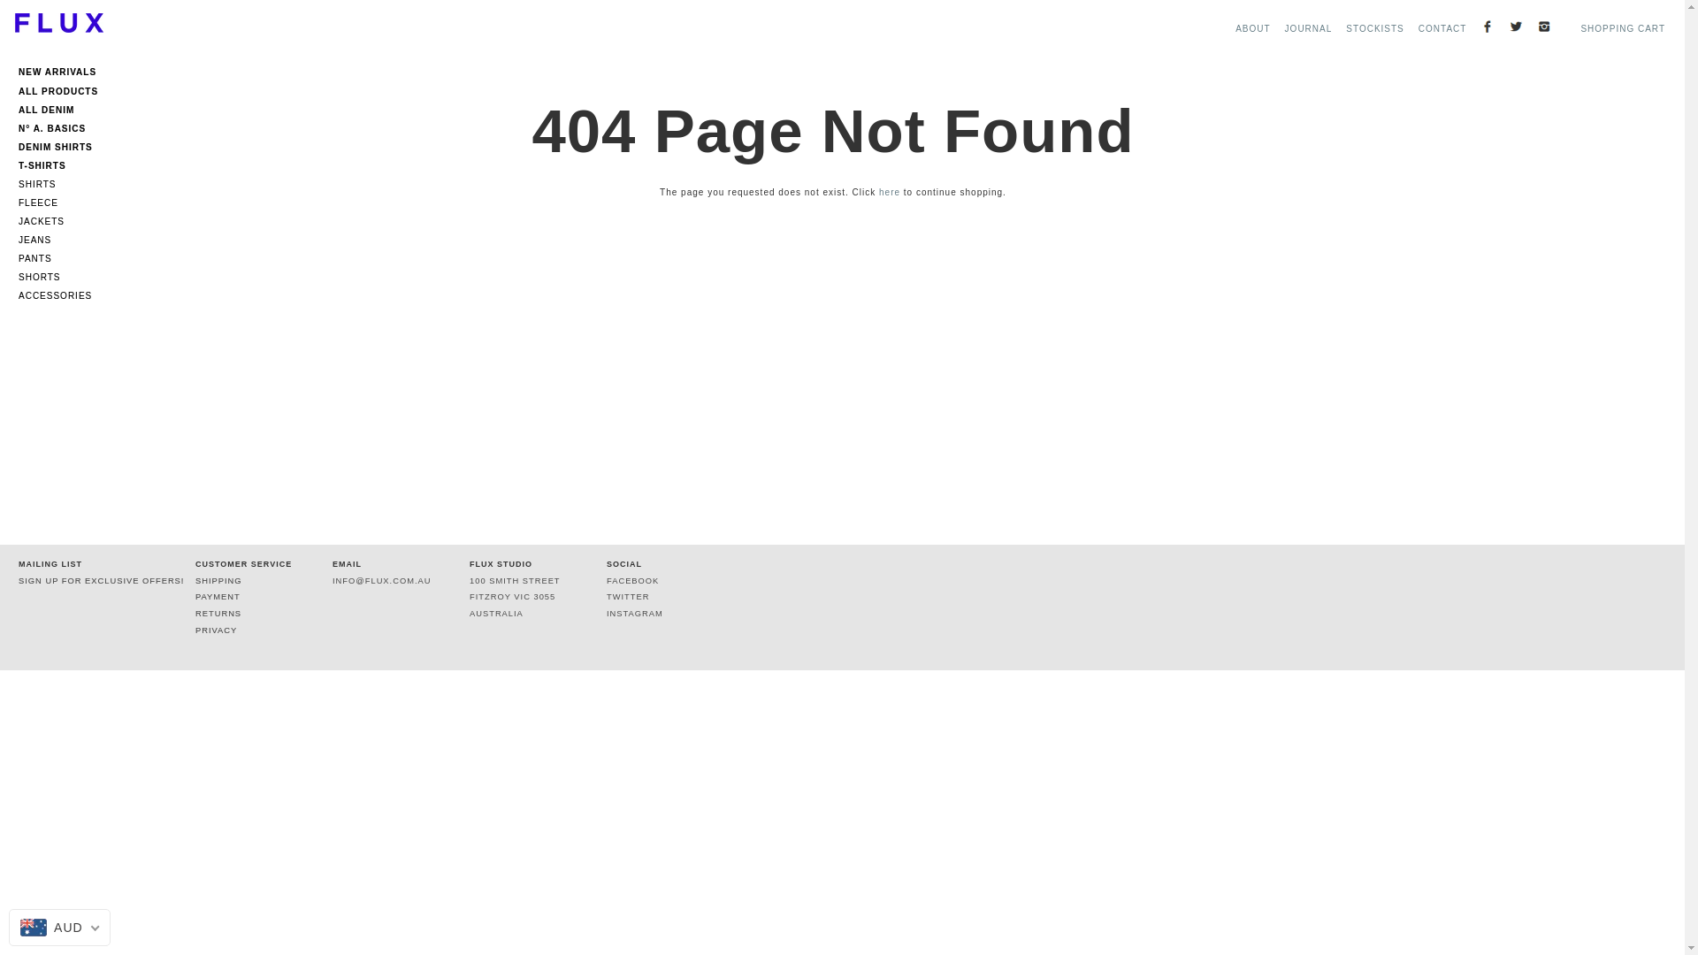 The image size is (1698, 955). What do you see at coordinates (332, 580) in the screenshot?
I see `'INFO@FLUX.COM.AU'` at bounding box center [332, 580].